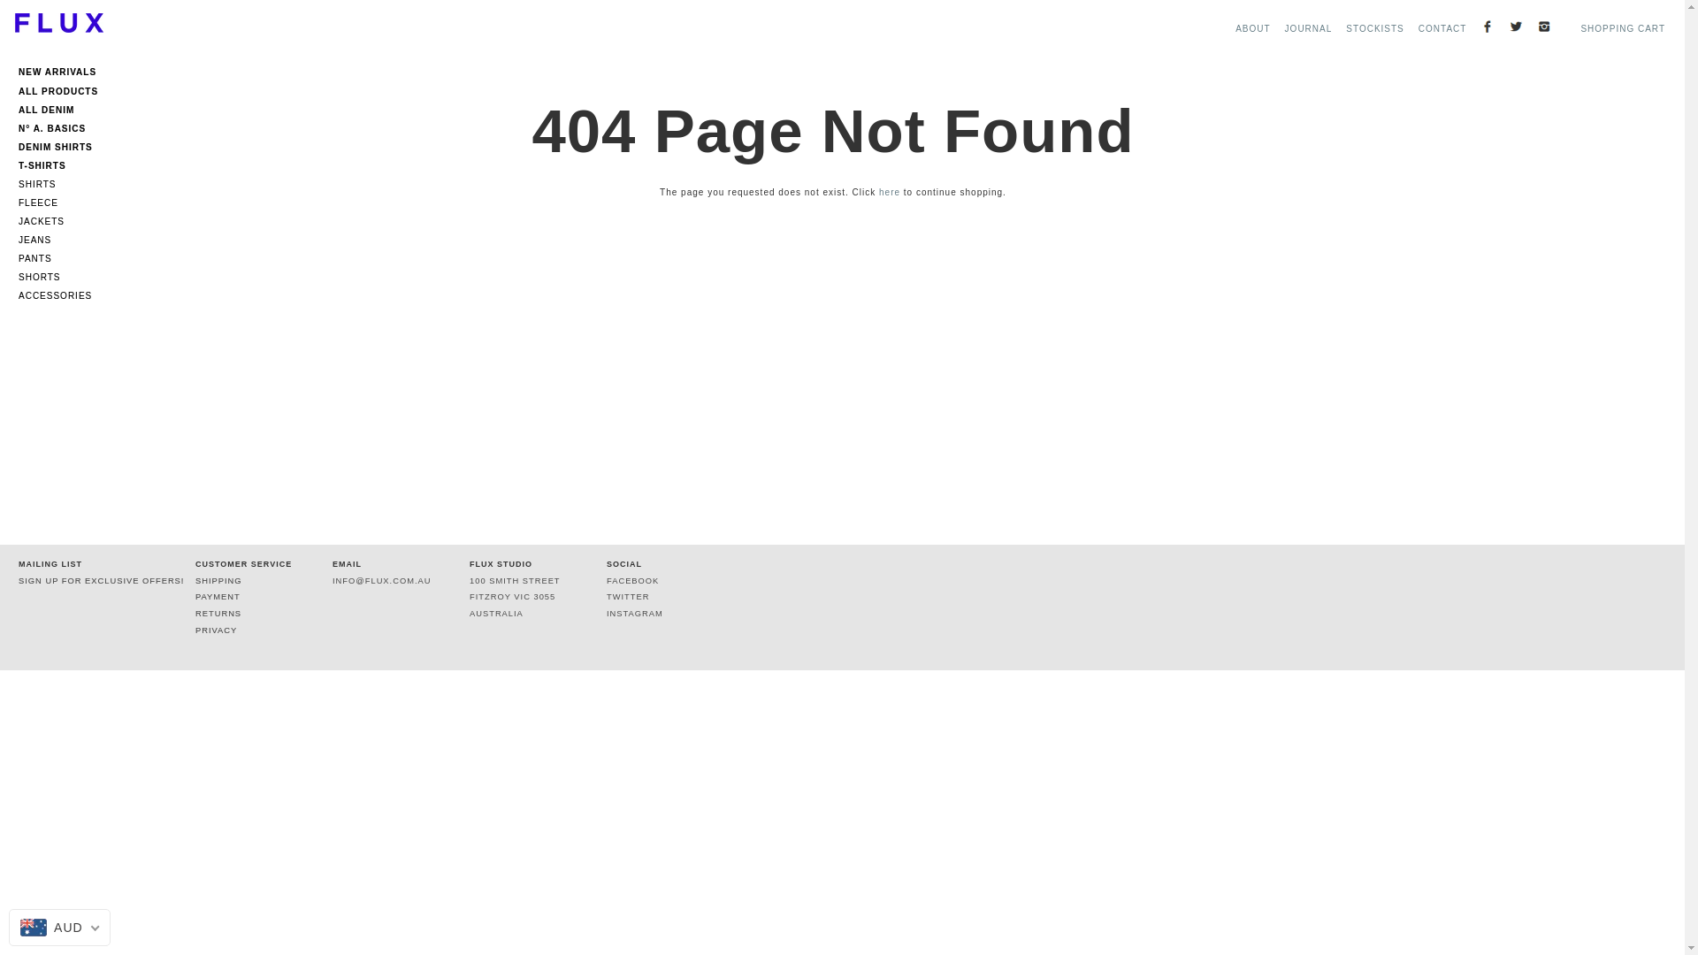 The image size is (1698, 955). What do you see at coordinates (332, 580) in the screenshot?
I see `'INFO@FLUX.COM.AU'` at bounding box center [332, 580].